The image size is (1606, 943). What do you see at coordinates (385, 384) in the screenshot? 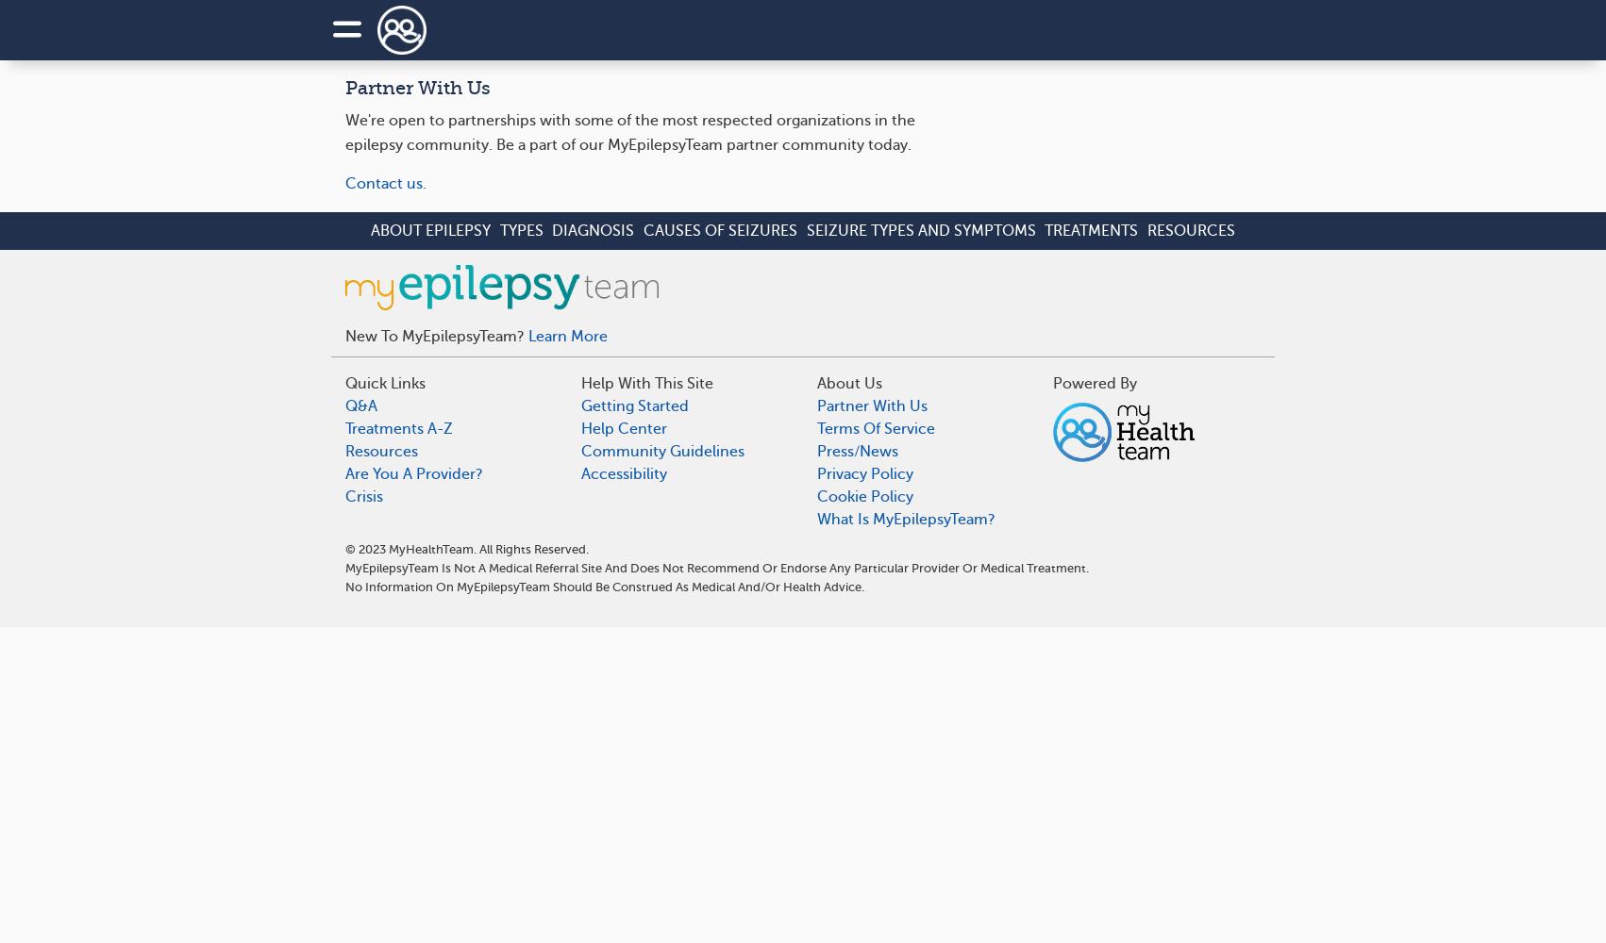
I see `'Quick Links'` at bounding box center [385, 384].